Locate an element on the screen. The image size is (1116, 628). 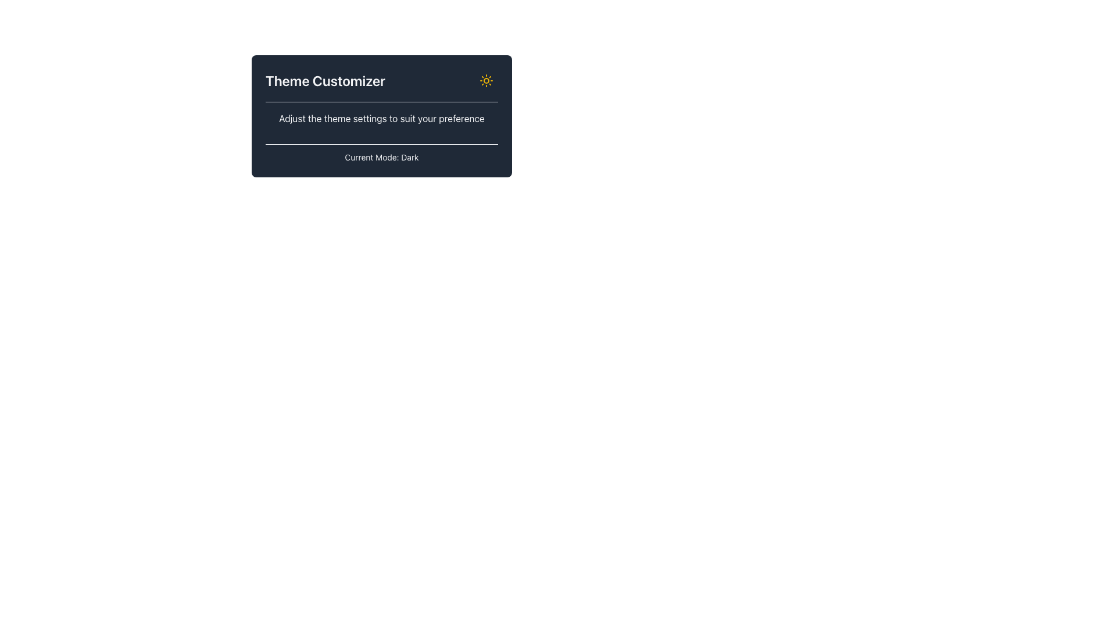
the static text displaying 'Adjust the theme settings to suit your preference', which is centrally aligned within the card beneath the header 'Theme Customizer' is located at coordinates (382, 123).